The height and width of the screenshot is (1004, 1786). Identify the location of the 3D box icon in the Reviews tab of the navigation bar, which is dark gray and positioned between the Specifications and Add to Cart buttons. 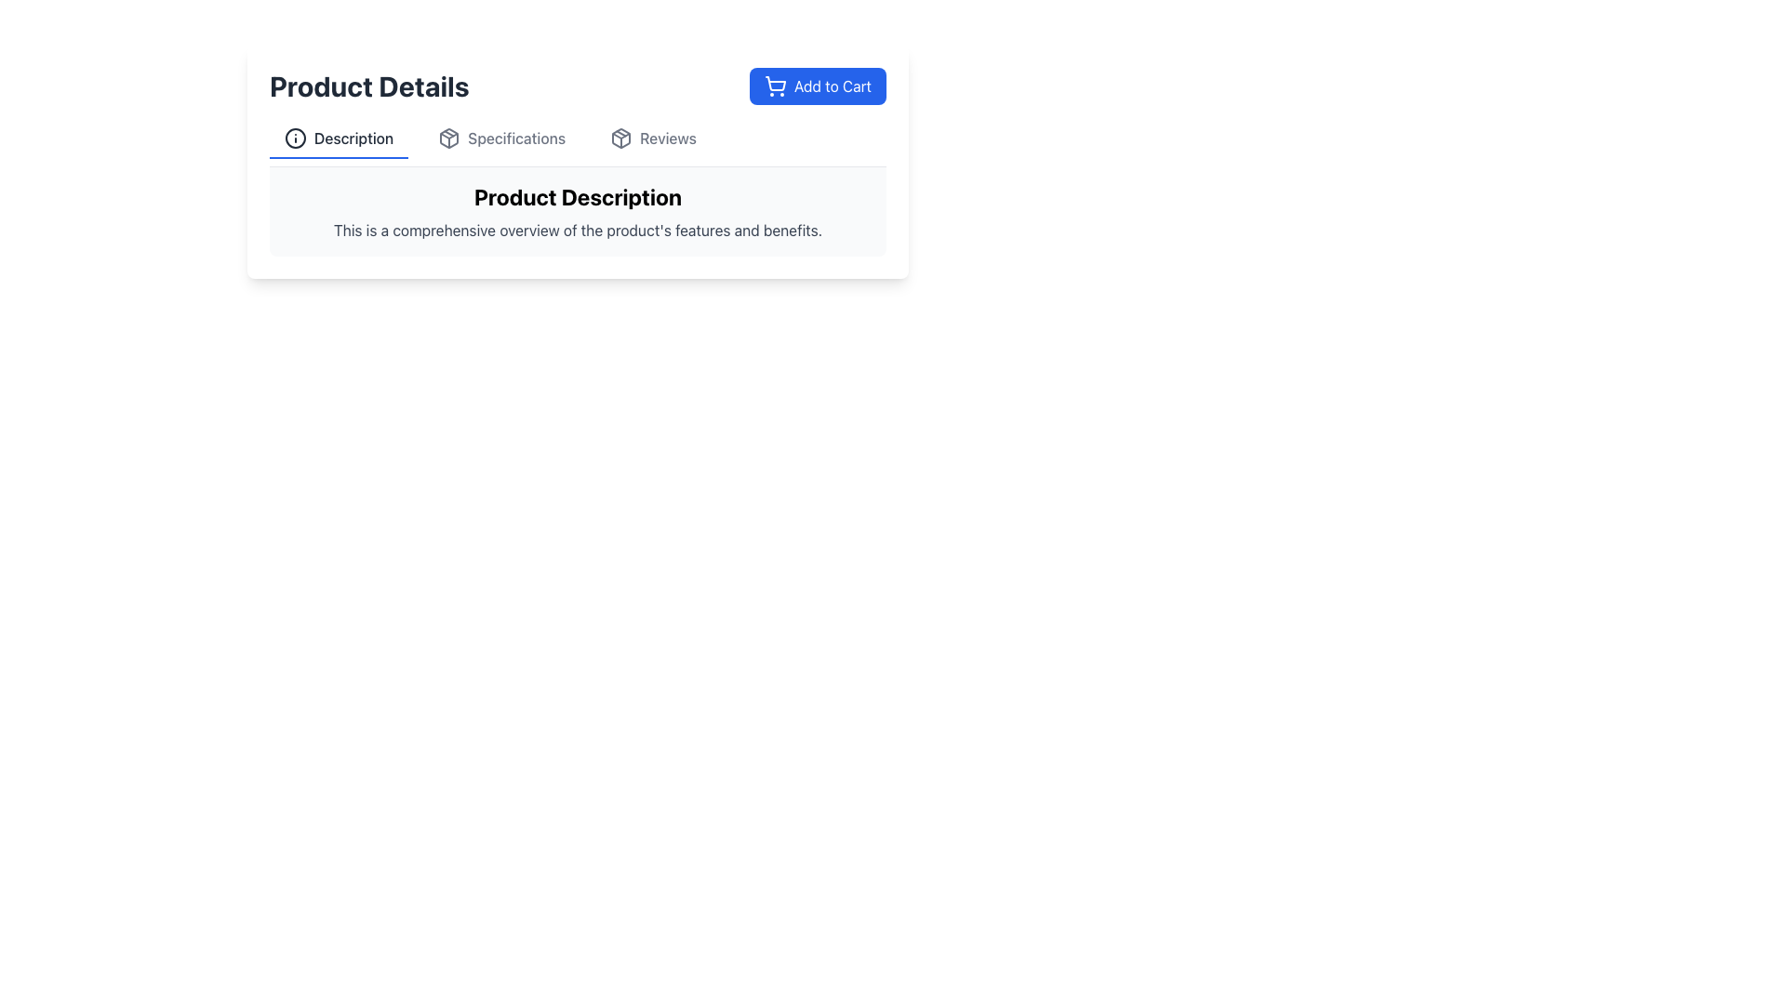
(621, 138).